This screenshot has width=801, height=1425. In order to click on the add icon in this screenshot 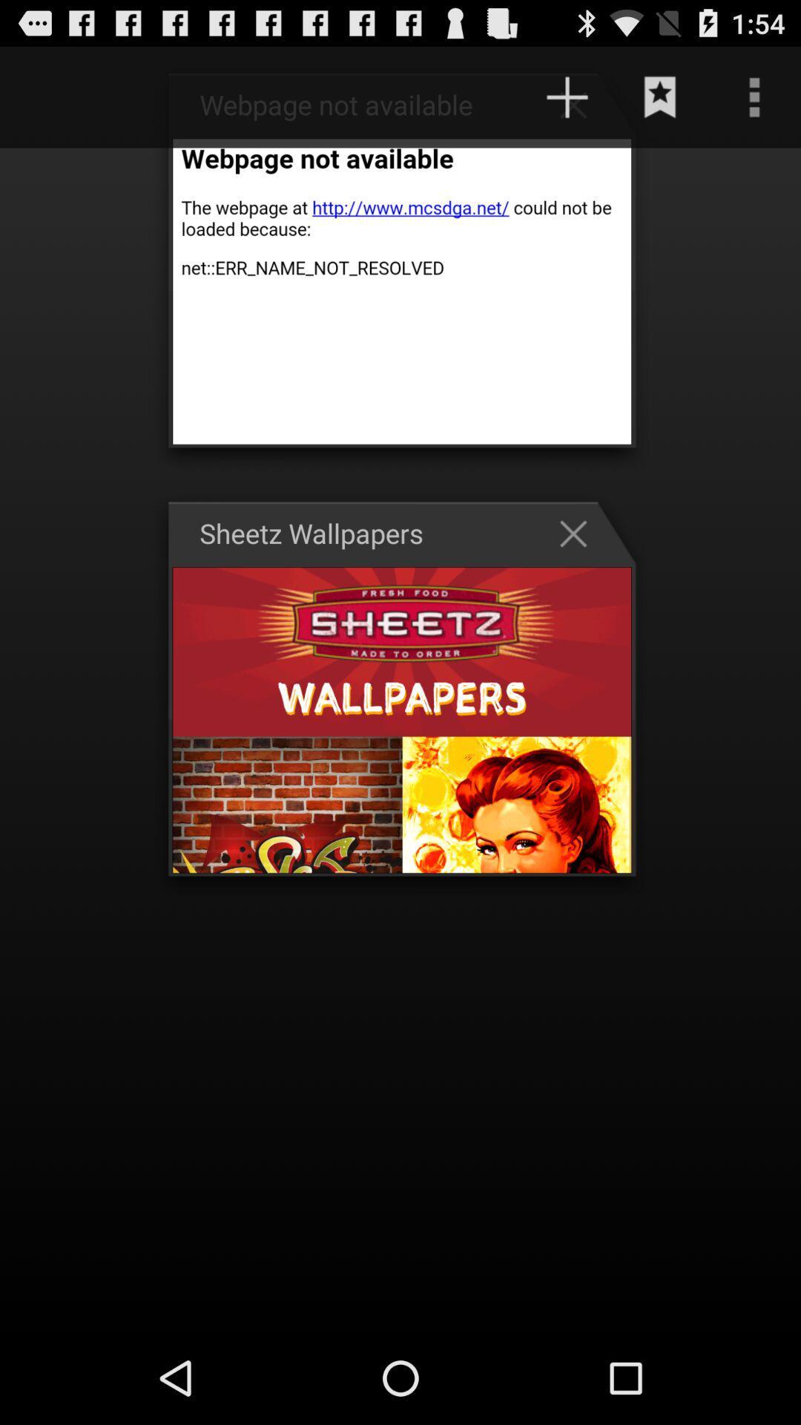, I will do `click(580, 111)`.